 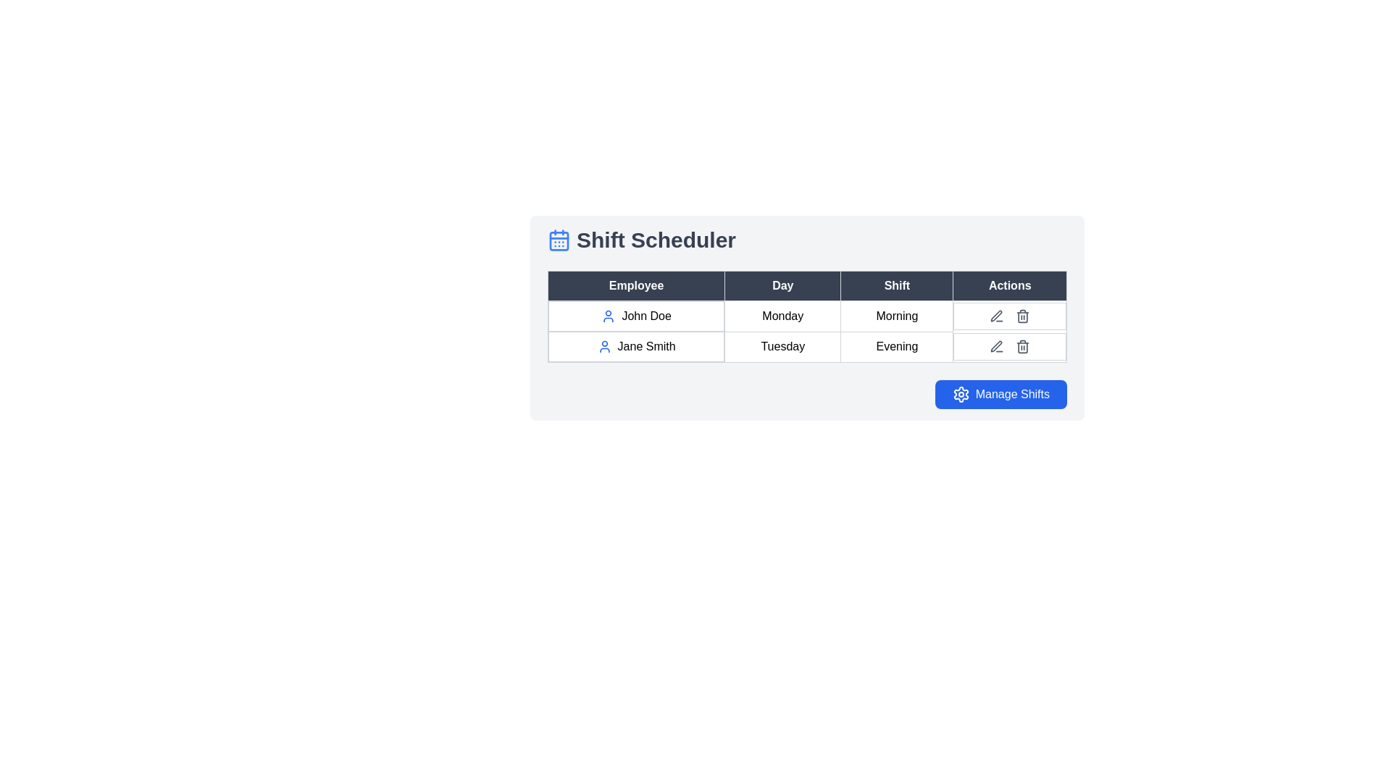 I want to click on the bin icon in the 'Actions' column of the first row for the 'Monday Morning' shift associated with 'John Doe', so click(x=1009, y=315).